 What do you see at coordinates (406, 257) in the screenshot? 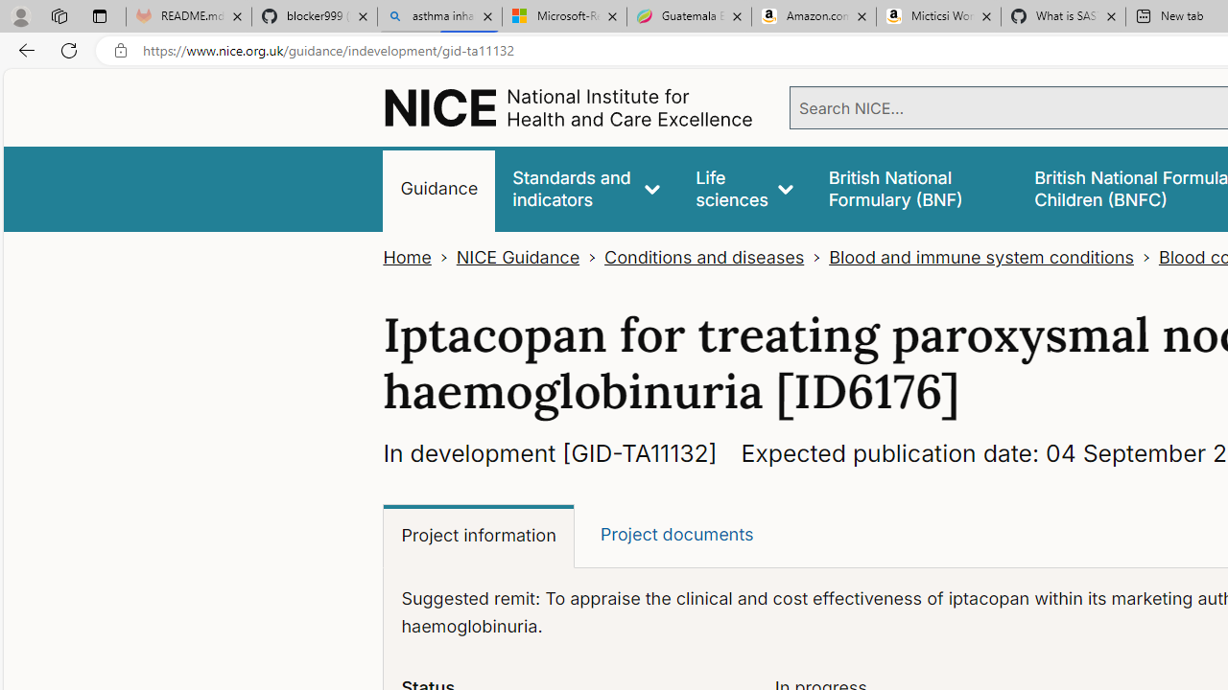
I see `'Home'` at bounding box center [406, 257].